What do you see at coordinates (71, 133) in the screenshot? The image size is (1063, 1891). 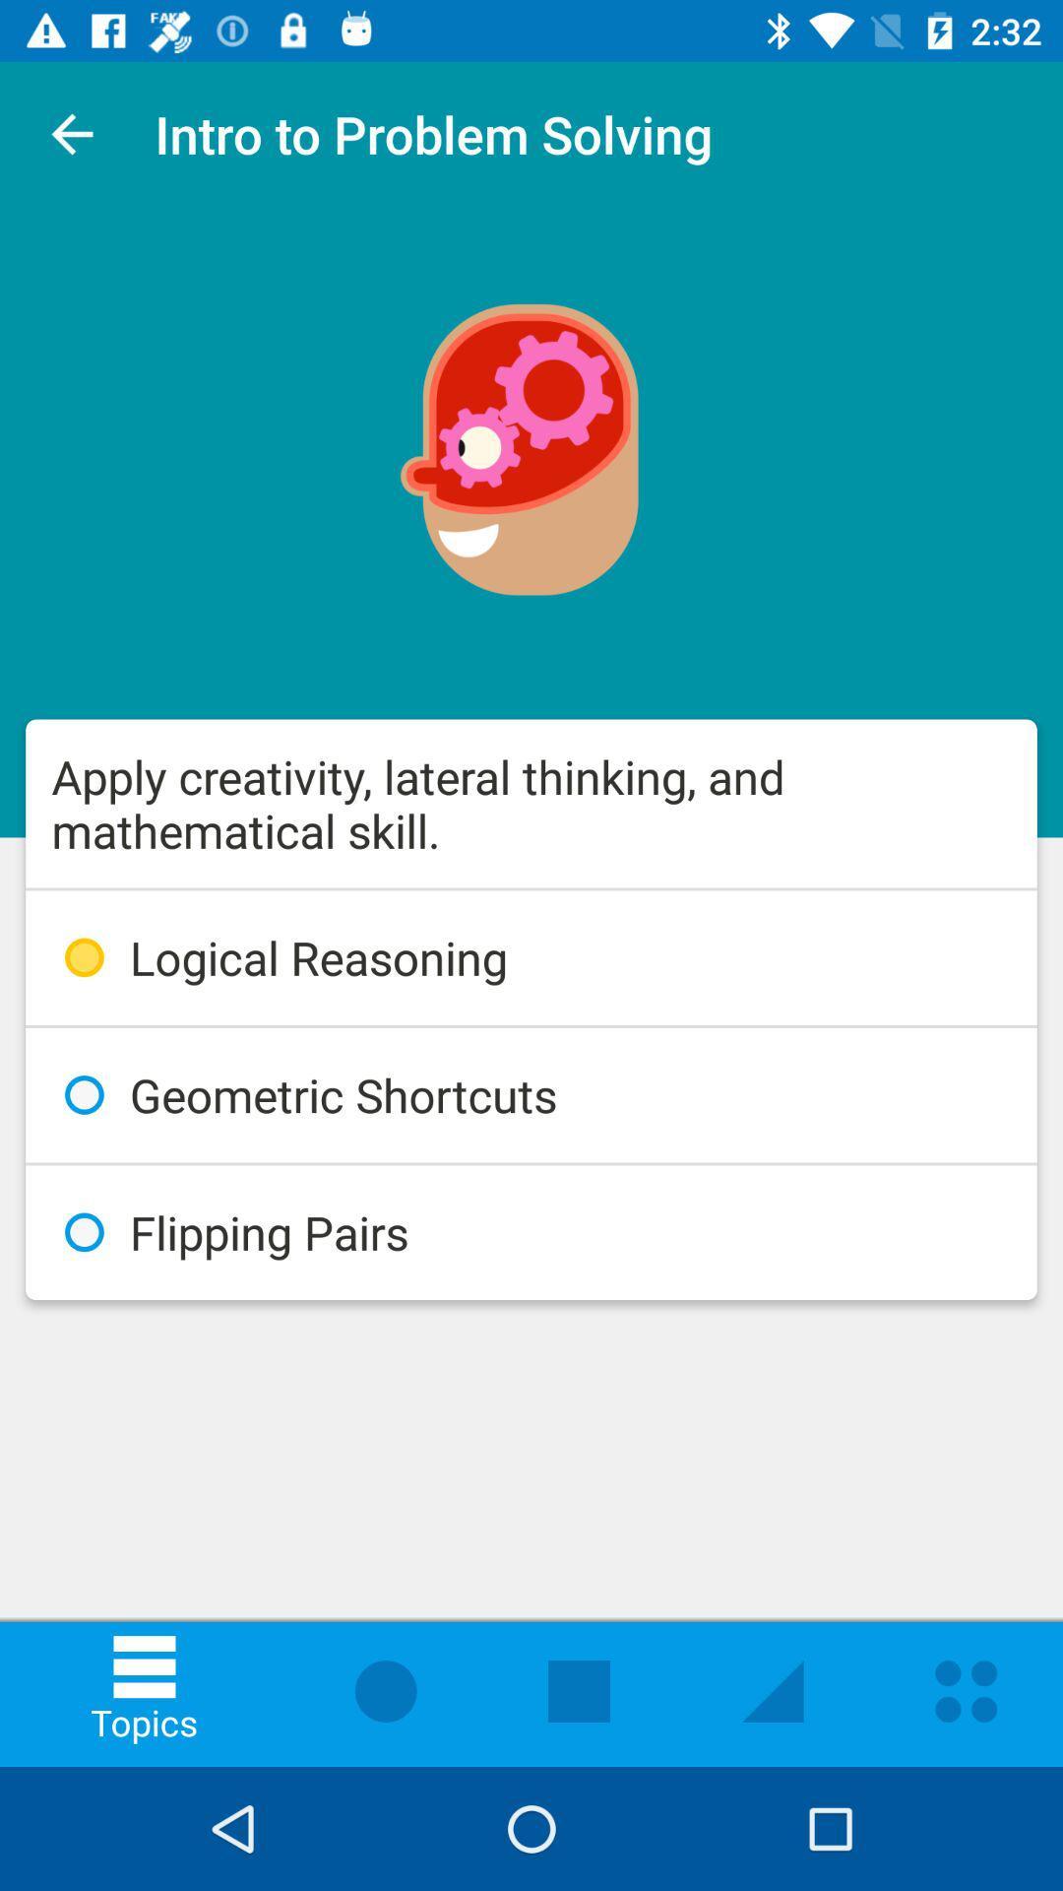 I see `icon to the left of intro to problem item` at bounding box center [71, 133].